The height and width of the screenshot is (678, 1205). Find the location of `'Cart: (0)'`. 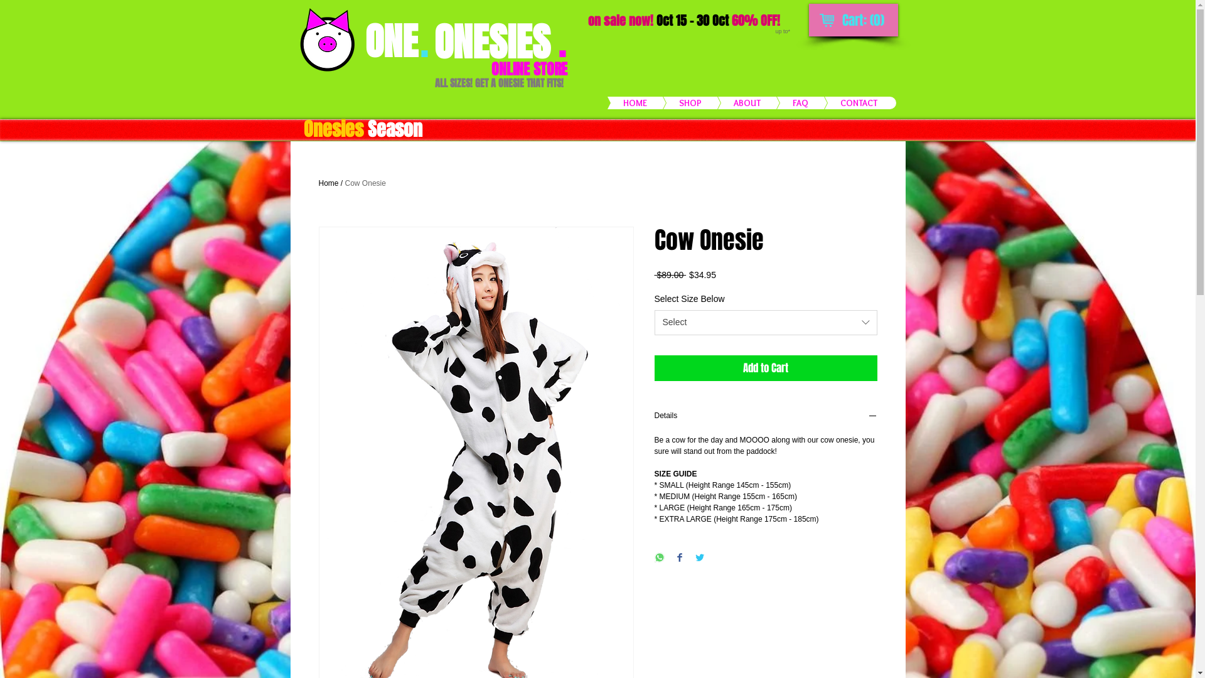

'Cart: (0)' is located at coordinates (842, 21).